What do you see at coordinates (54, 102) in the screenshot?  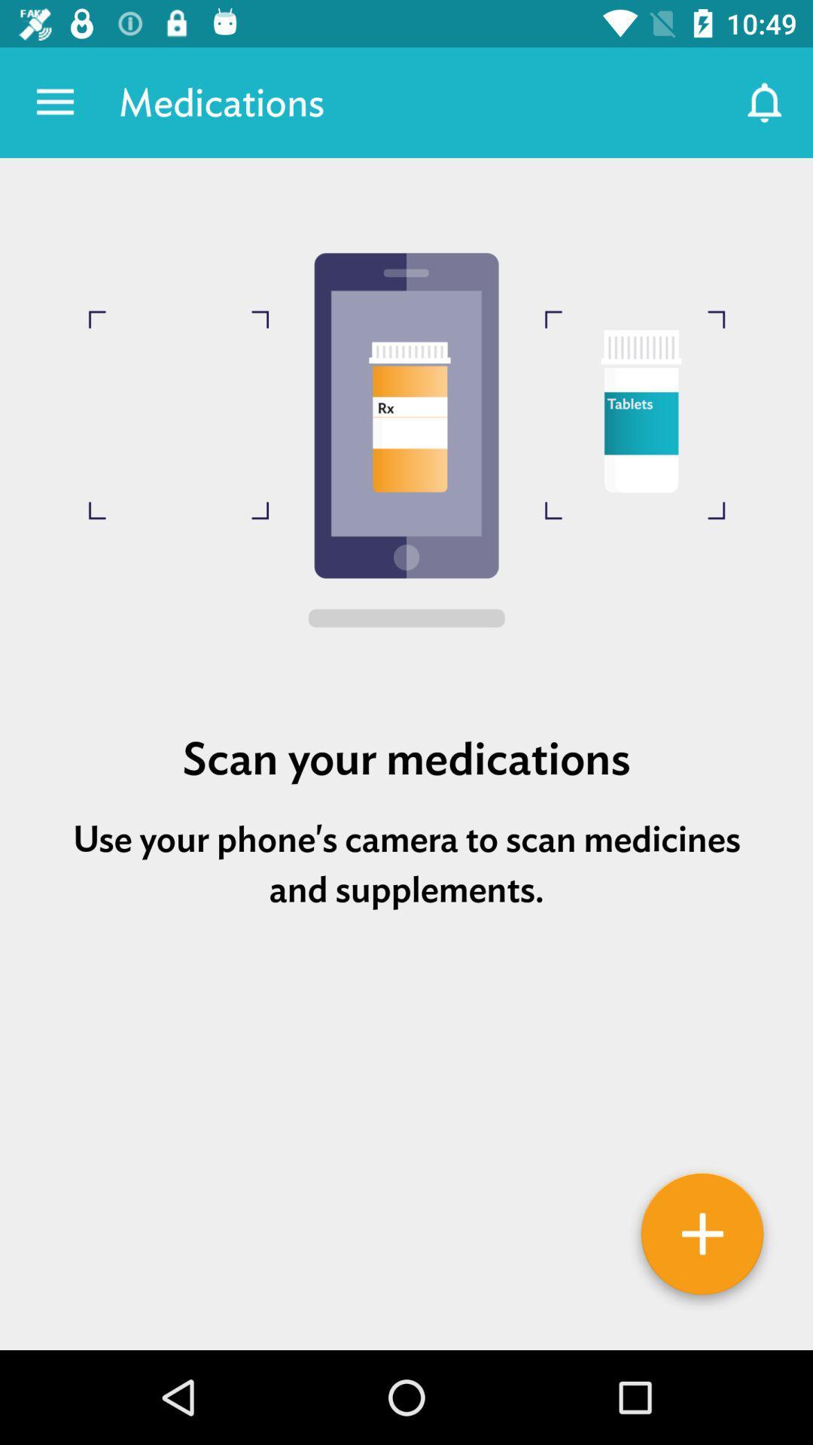 I see `the app next to the medications item` at bounding box center [54, 102].